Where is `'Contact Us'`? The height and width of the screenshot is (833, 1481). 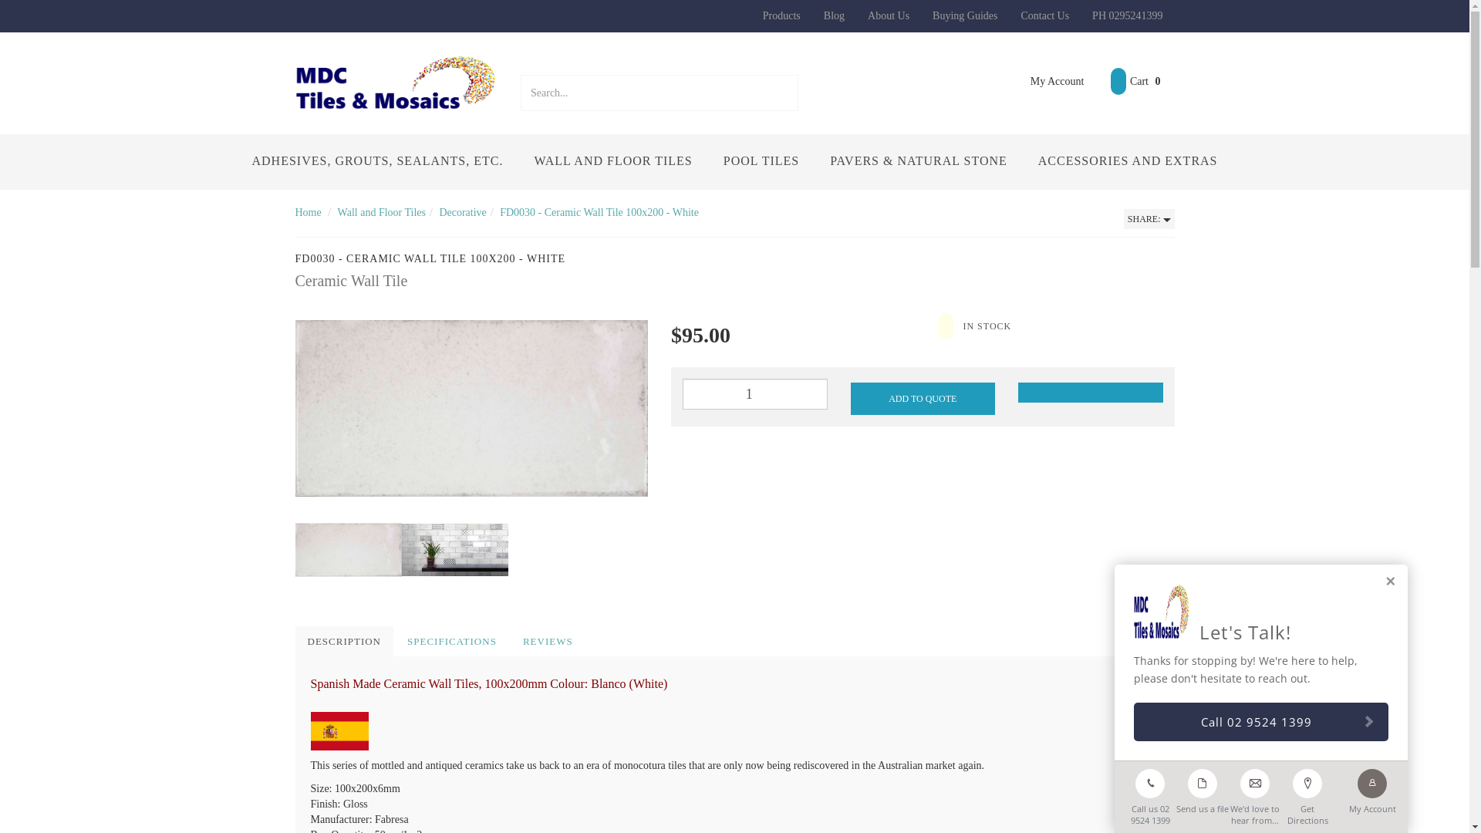
'Contact Us' is located at coordinates (1009, 15).